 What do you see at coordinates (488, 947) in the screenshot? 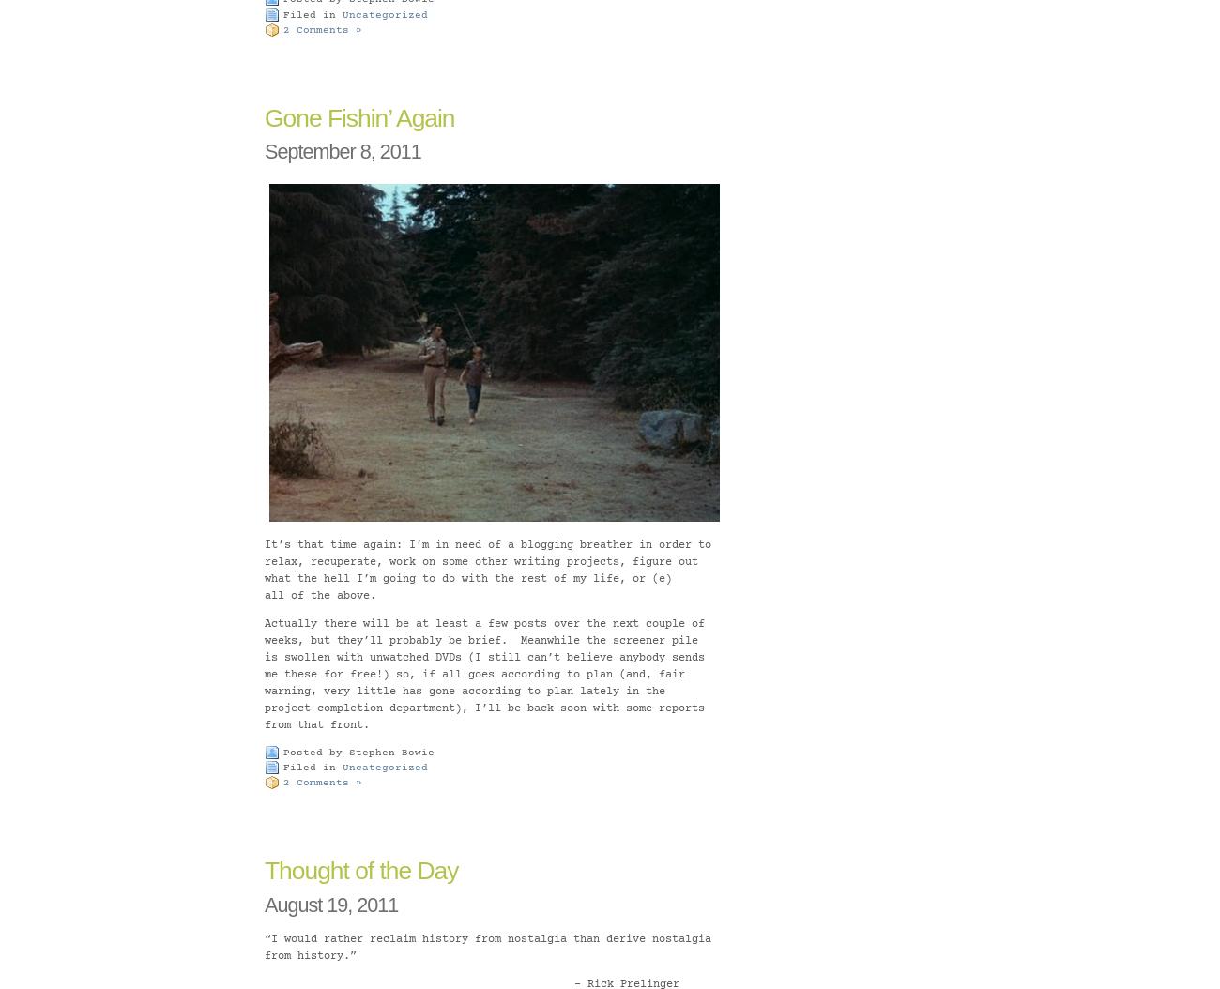
I see `'“I would rather reclaim history from nostalgia than derive nostalgia from history.”'` at bounding box center [488, 947].